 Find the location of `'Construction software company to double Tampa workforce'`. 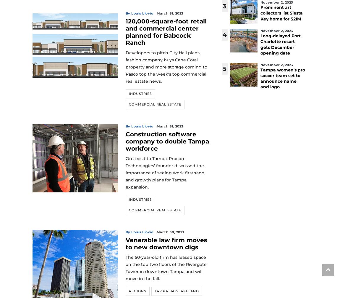

'Construction software company to double Tampa workforce' is located at coordinates (167, 141).